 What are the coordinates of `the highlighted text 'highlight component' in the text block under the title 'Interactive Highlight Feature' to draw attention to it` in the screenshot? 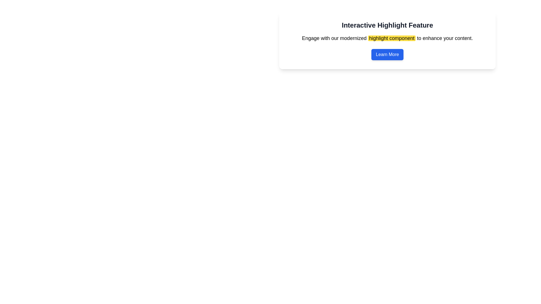 It's located at (391, 38).